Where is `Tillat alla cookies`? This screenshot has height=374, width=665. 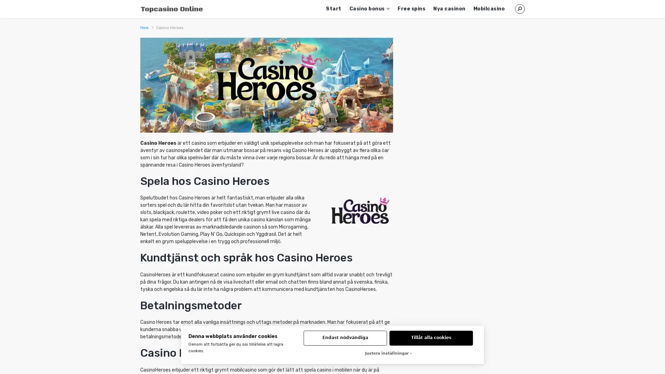
Tillat alla cookies is located at coordinates (431, 337).